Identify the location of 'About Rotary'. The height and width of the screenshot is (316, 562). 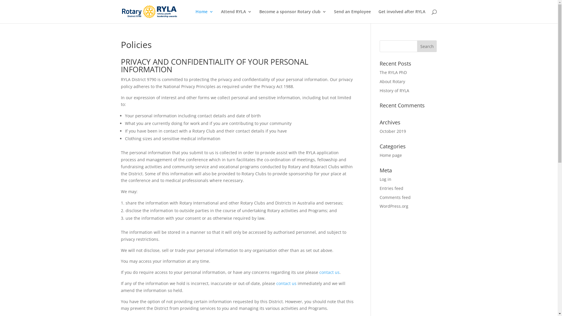
(379, 81).